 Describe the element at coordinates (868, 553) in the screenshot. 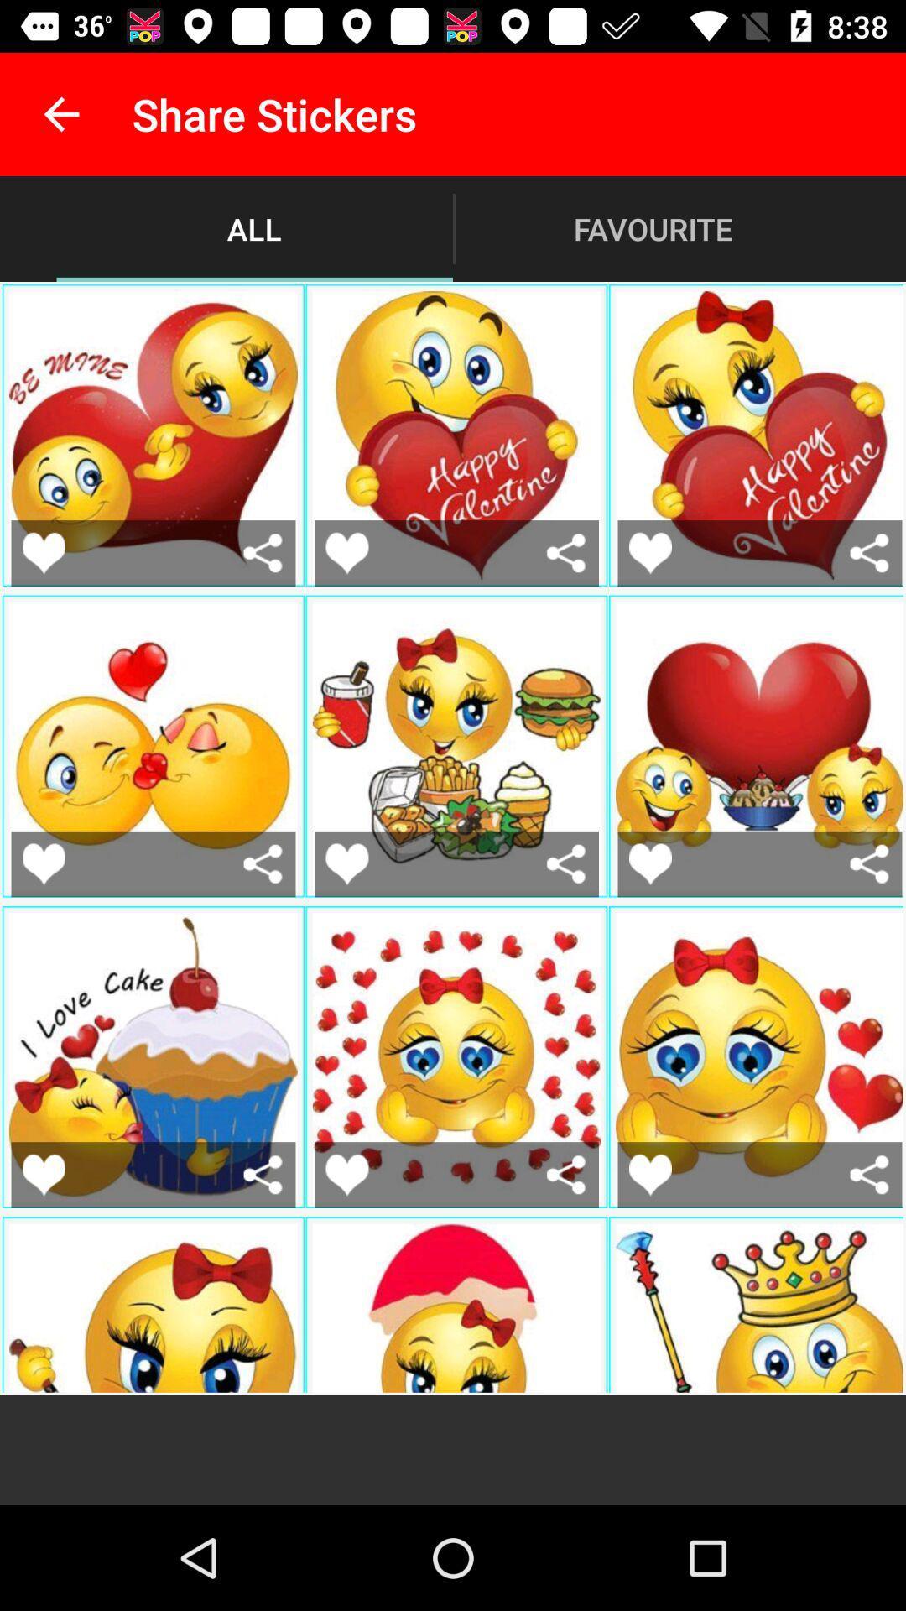

I see `share this sticker` at that location.